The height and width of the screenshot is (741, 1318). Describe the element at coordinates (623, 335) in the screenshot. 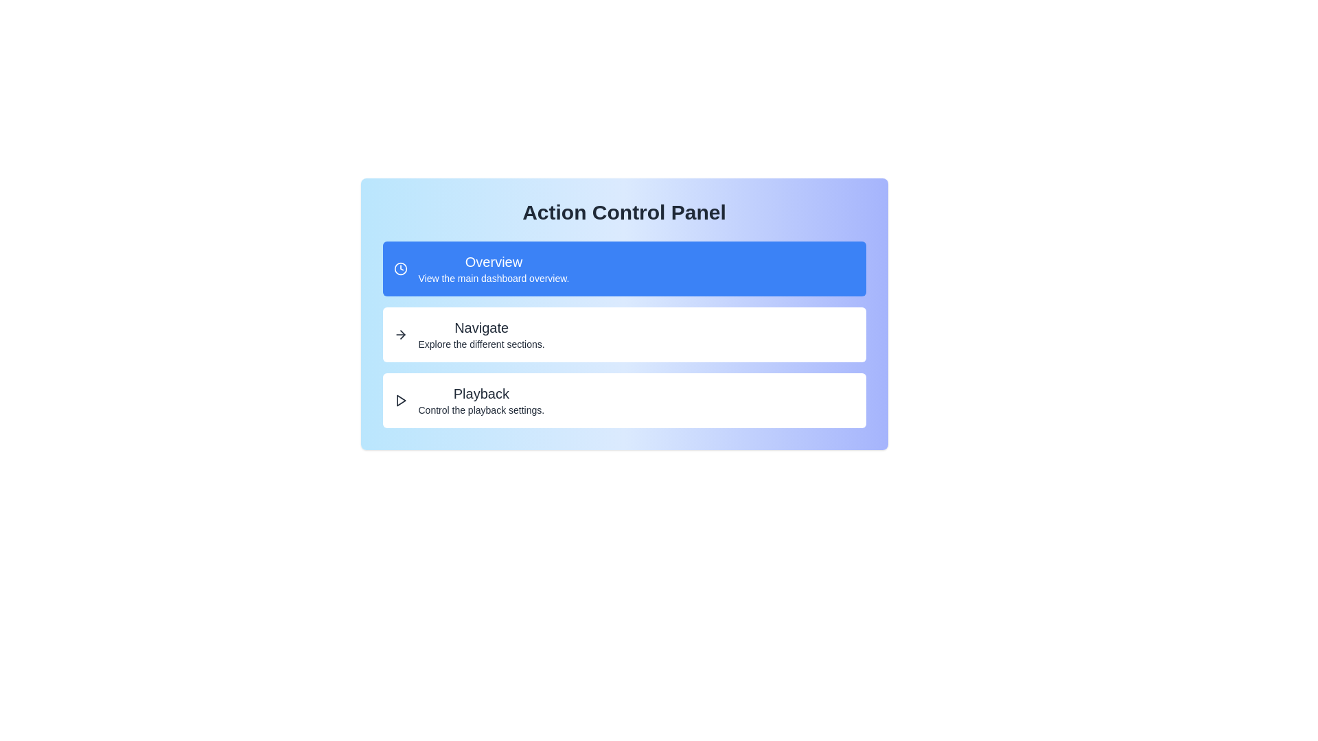

I see `the interactive list item titled 'Navigate'` at that location.